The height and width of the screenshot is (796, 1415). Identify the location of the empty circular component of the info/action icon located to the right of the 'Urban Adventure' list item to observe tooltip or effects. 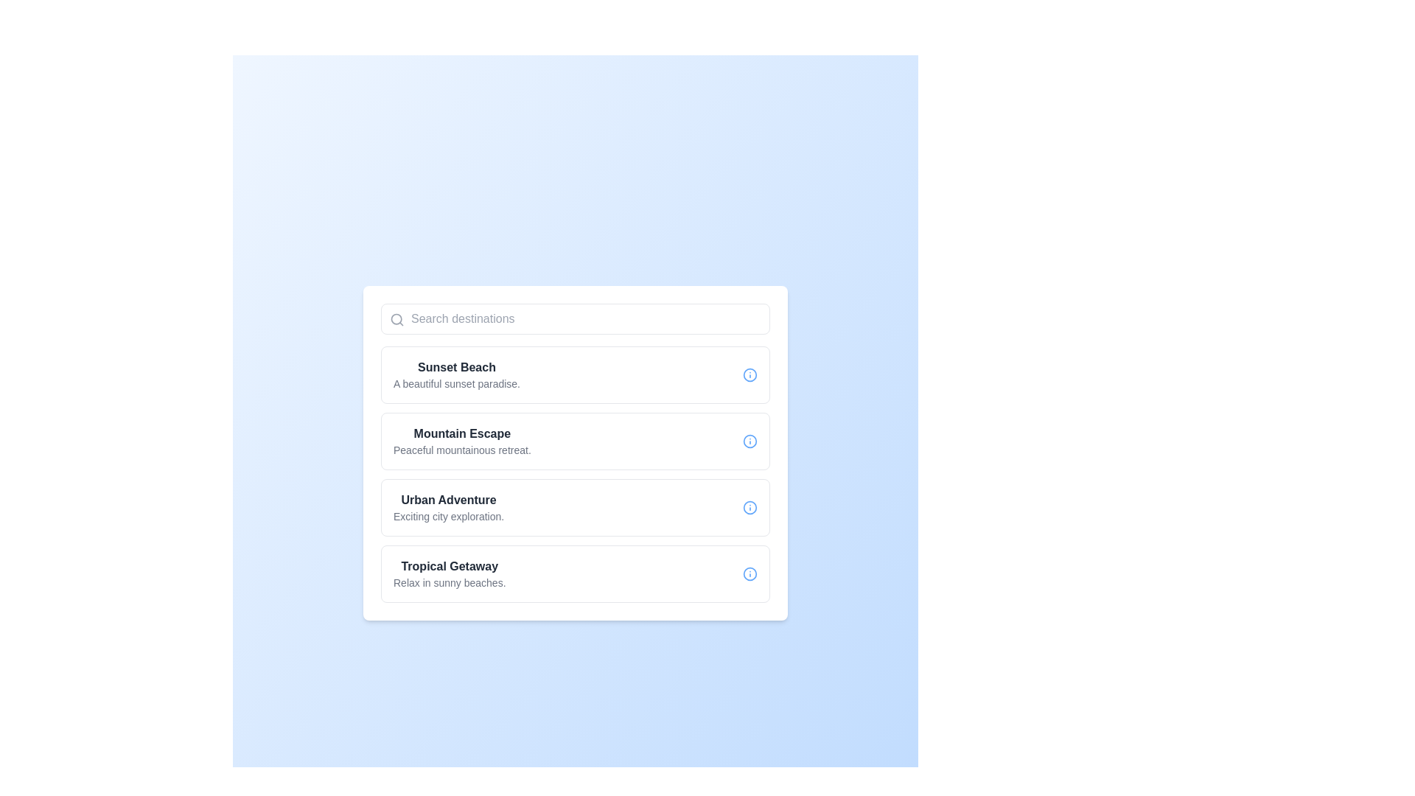
(750, 507).